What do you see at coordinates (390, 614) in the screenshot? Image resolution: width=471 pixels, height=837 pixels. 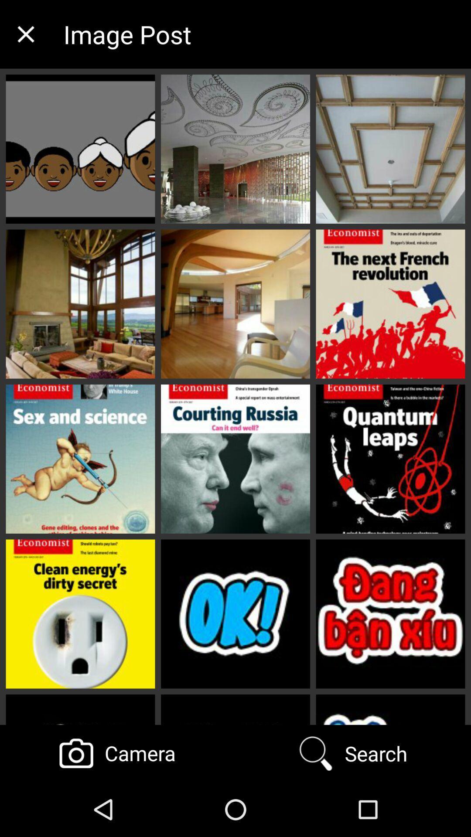 I see `the image on the bottom right corner of the web page` at bounding box center [390, 614].